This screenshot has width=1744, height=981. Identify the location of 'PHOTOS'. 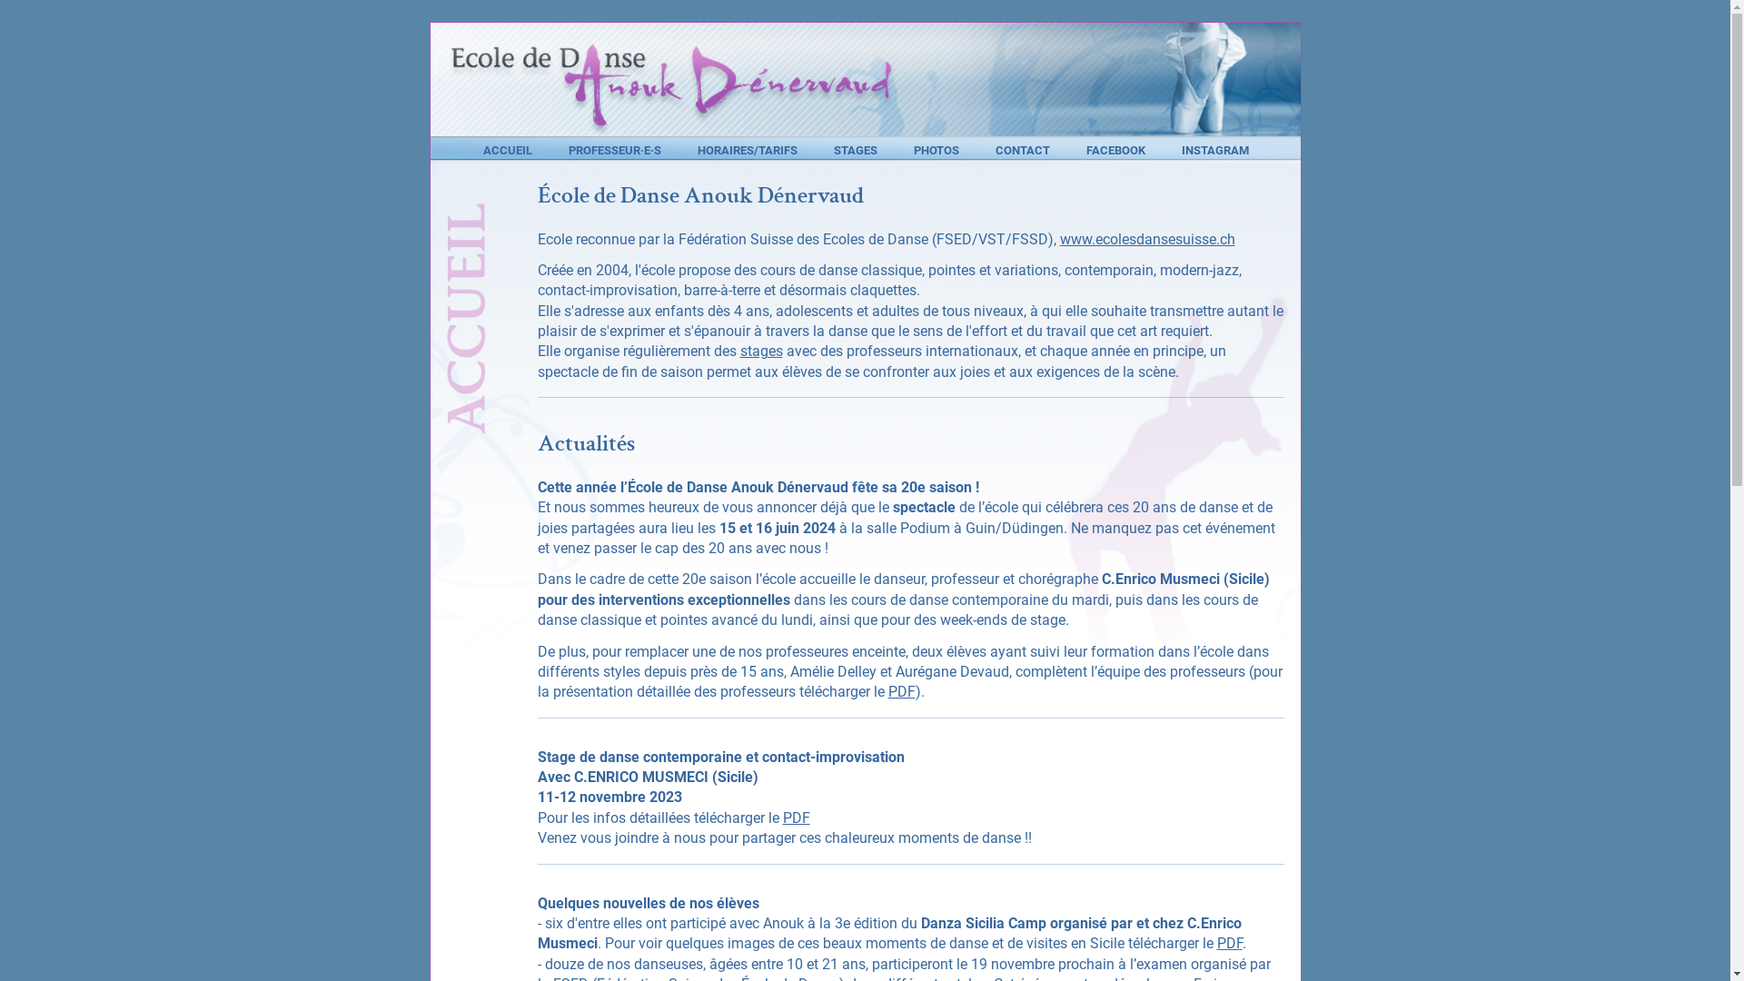
(936, 149).